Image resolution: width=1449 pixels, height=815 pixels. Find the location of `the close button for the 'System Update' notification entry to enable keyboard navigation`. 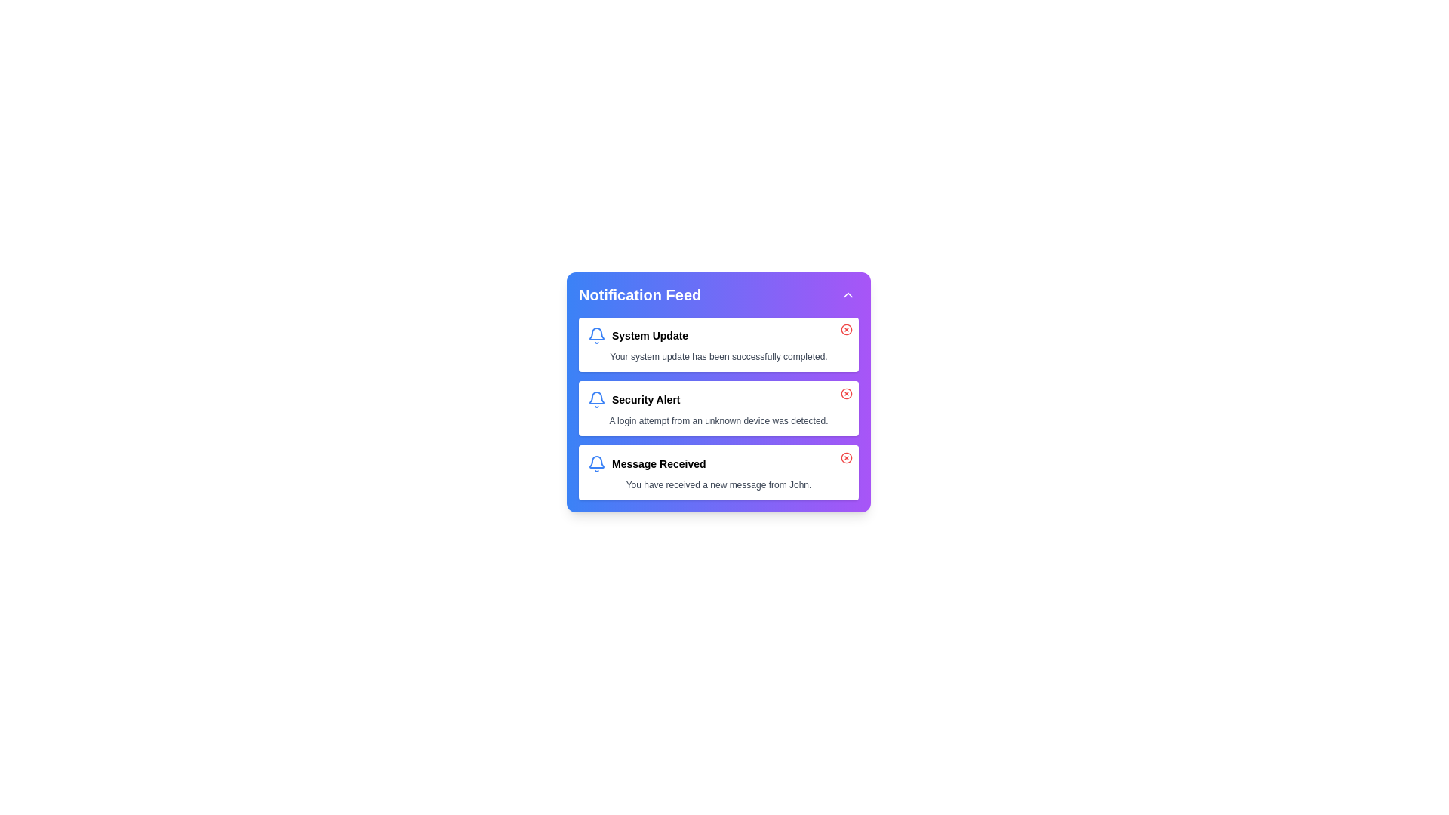

the close button for the 'System Update' notification entry to enable keyboard navigation is located at coordinates (847, 328).